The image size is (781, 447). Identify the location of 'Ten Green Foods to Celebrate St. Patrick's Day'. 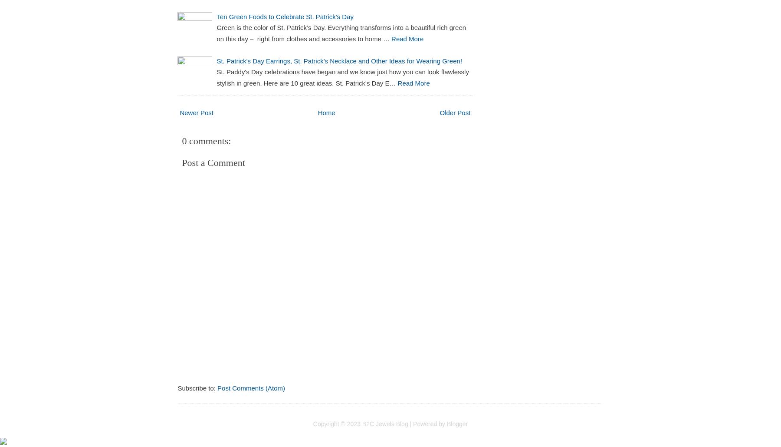
(216, 16).